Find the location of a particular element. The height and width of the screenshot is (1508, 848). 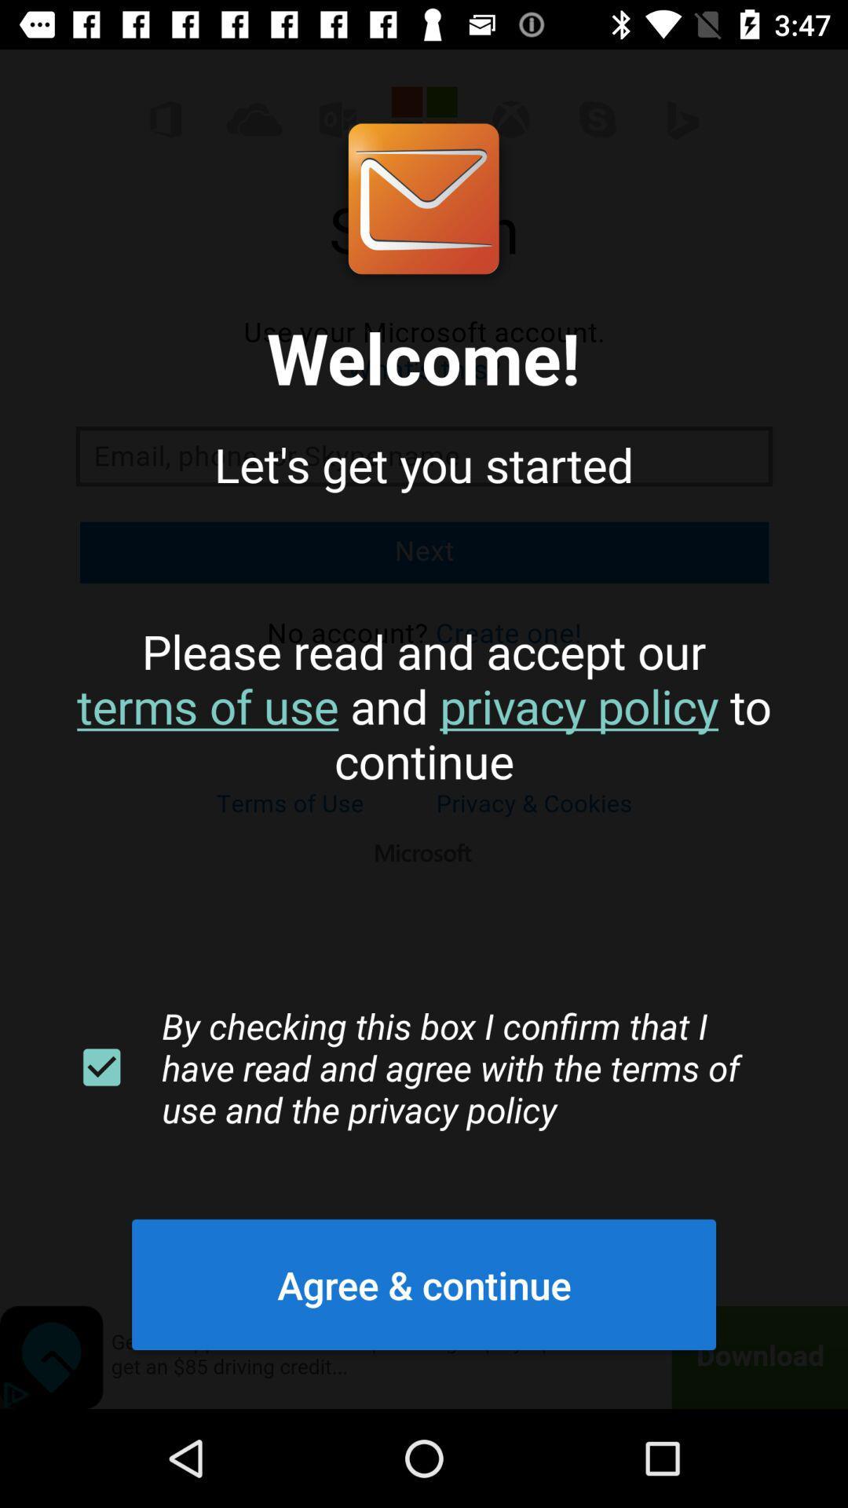

the agree & continue item is located at coordinates (424, 1284).